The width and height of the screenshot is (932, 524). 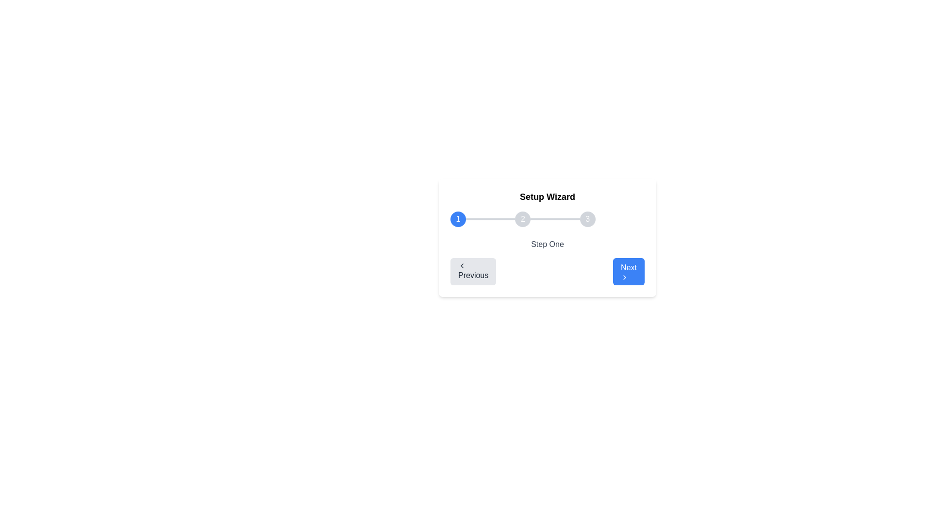 What do you see at coordinates (473, 271) in the screenshot?
I see `the 'Previous' button, which has a light gray background and dark gray text, located in the lower-left corner of the card` at bounding box center [473, 271].